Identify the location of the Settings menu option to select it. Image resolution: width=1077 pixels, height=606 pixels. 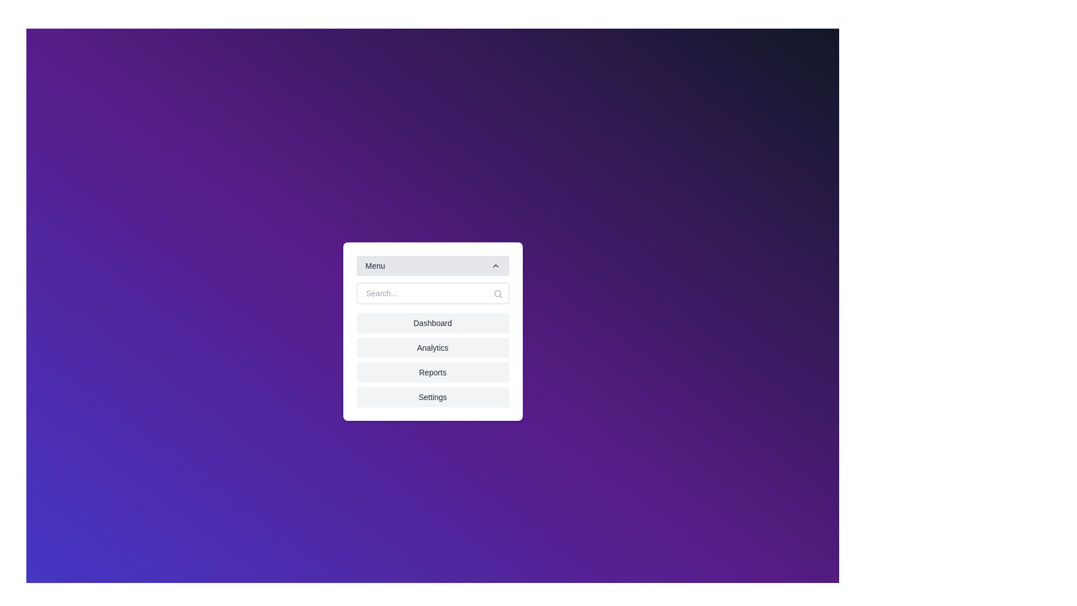
(432, 397).